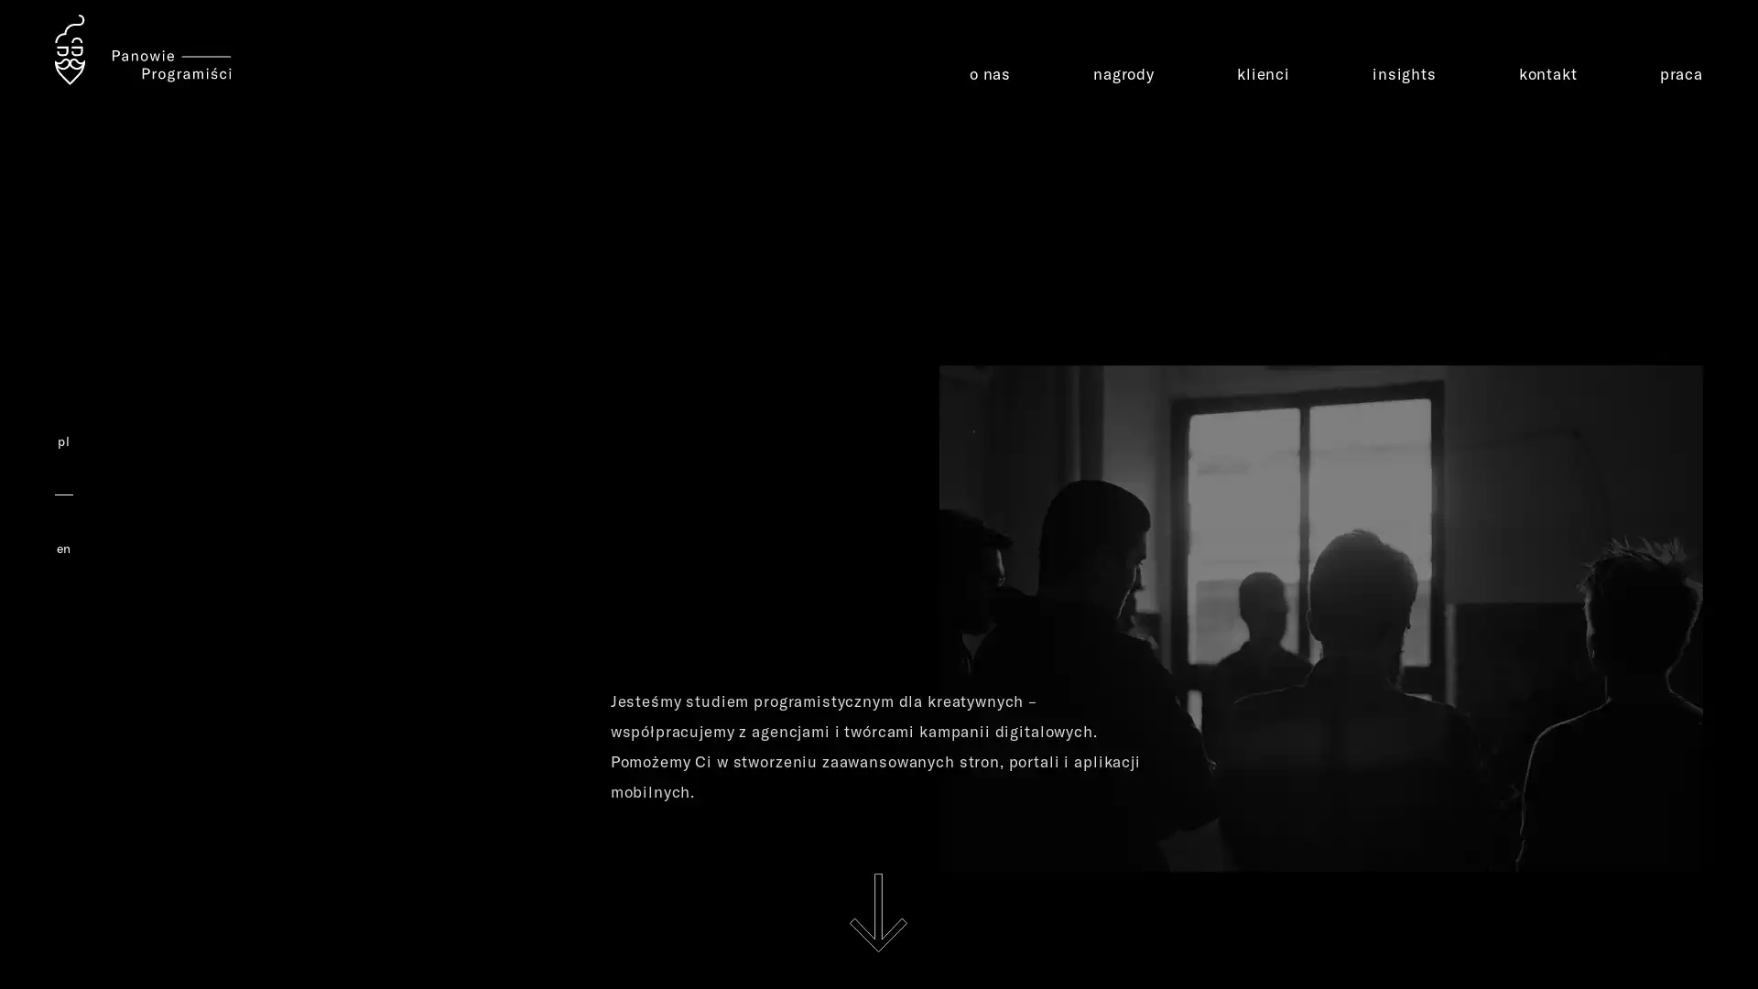 This screenshot has width=1758, height=989. What do you see at coordinates (877, 912) in the screenshot?
I see `Przeskroluj` at bounding box center [877, 912].